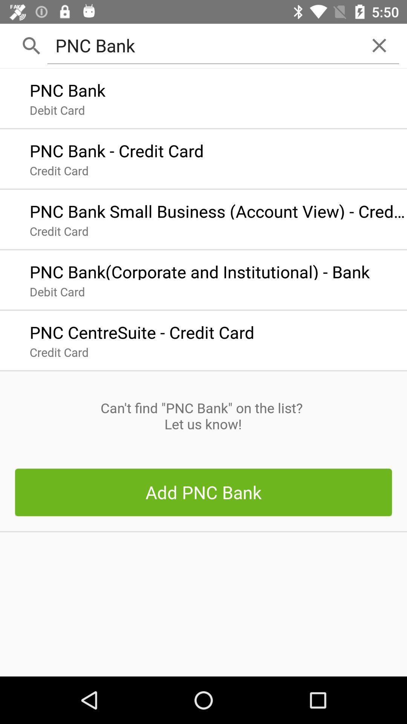 This screenshot has width=407, height=724. I want to click on icon to the right of the pnc bank item, so click(379, 45).